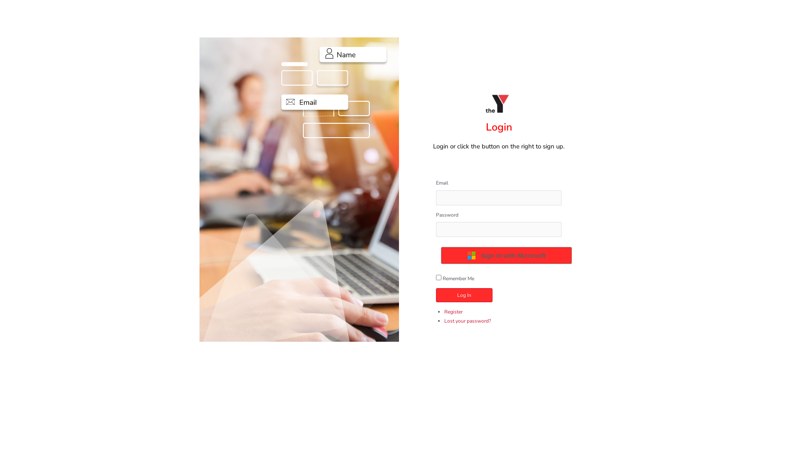  Describe the element at coordinates (464, 294) in the screenshot. I see `'Log In'` at that location.